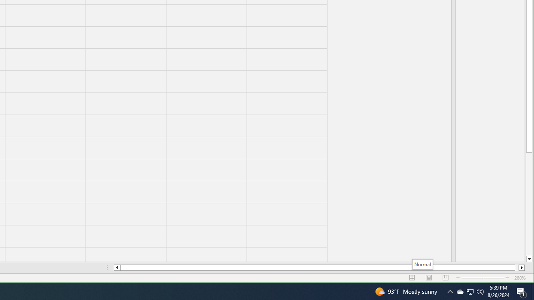 The width and height of the screenshot is (534, 300). Describe the element at coordinates (116, 267) in the screenshot. I see `'Column left'` at that location.